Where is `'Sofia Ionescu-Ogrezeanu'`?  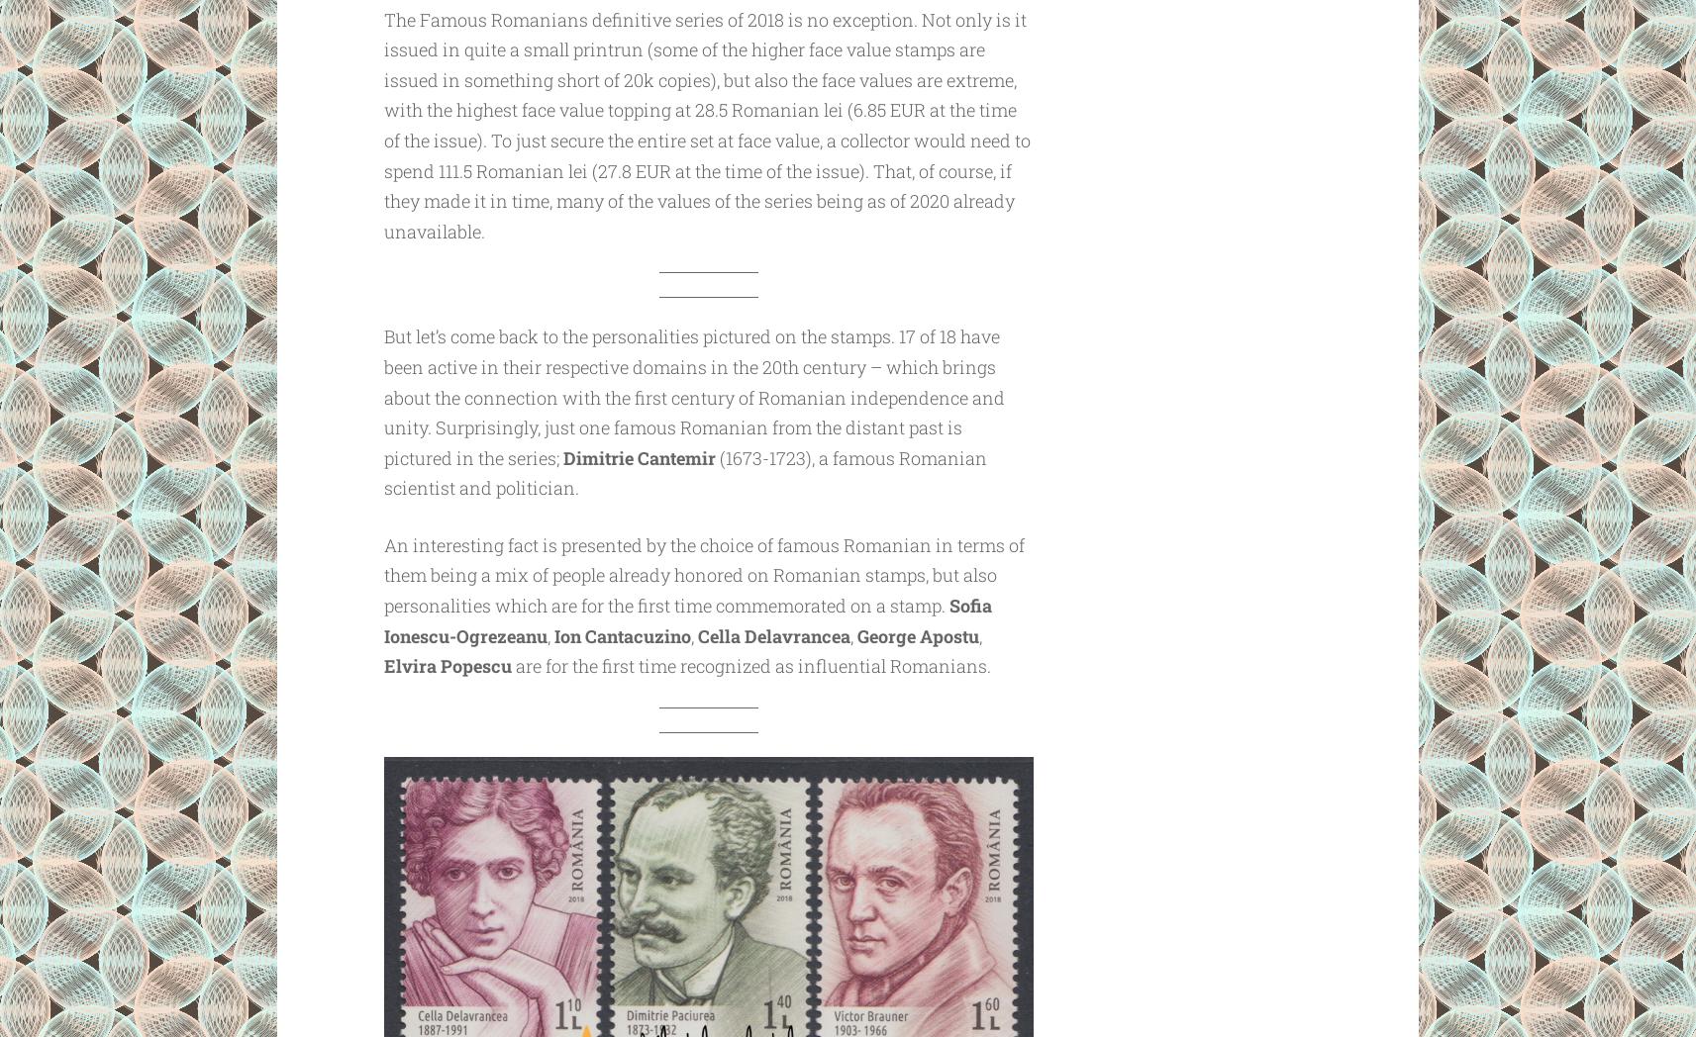 'Sofia Ionescu-Ogrezeanu' is located at coordinates (686, 619).